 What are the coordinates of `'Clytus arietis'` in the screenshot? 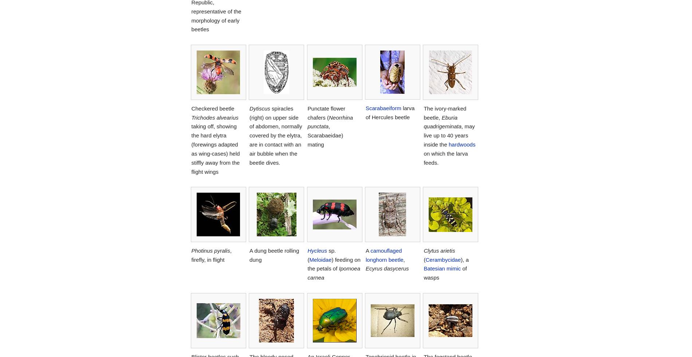 It's located at (439, 250).